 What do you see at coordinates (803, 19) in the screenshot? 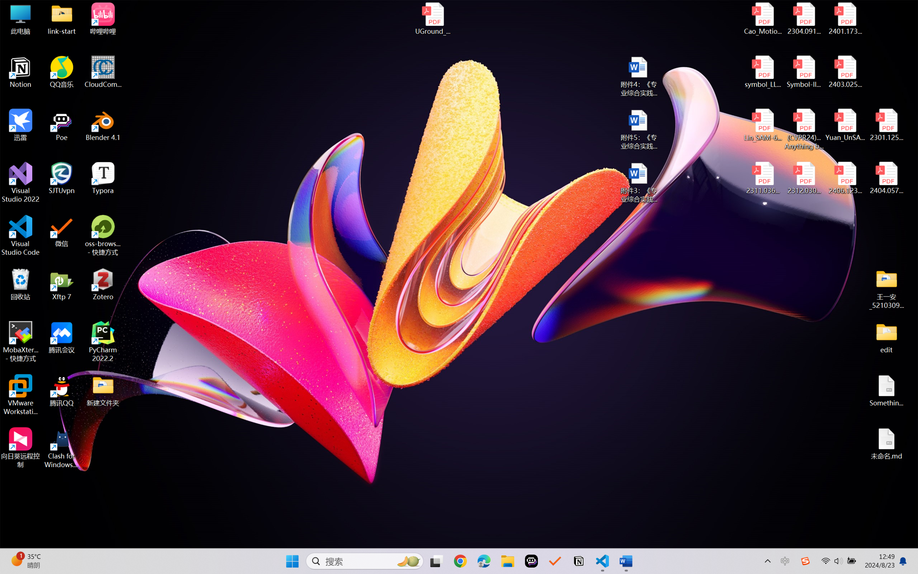
I see `'2304.09121v3.pdf'` at bounding box center [803, 19].